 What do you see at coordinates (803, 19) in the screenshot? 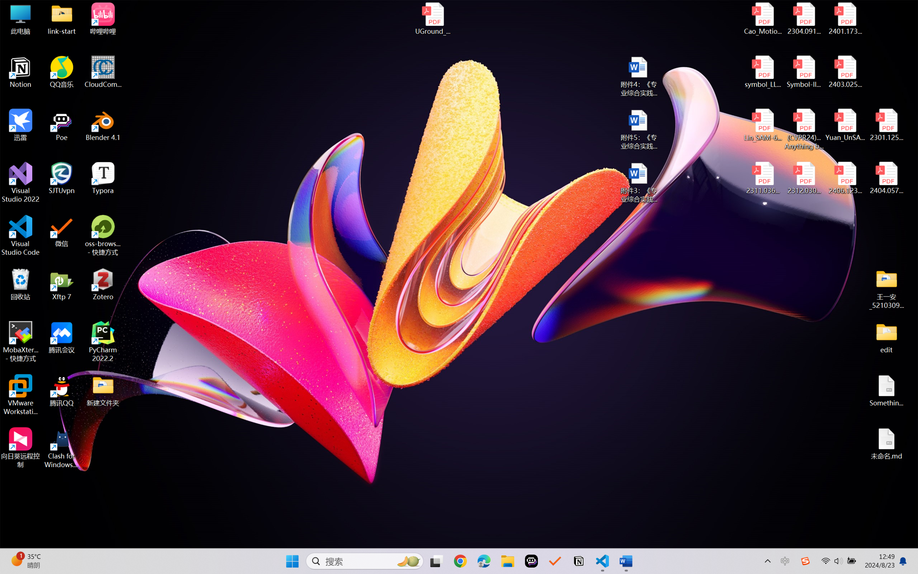
I see `'2304.09121v3.pdf'` at bounding box center [803, 19].